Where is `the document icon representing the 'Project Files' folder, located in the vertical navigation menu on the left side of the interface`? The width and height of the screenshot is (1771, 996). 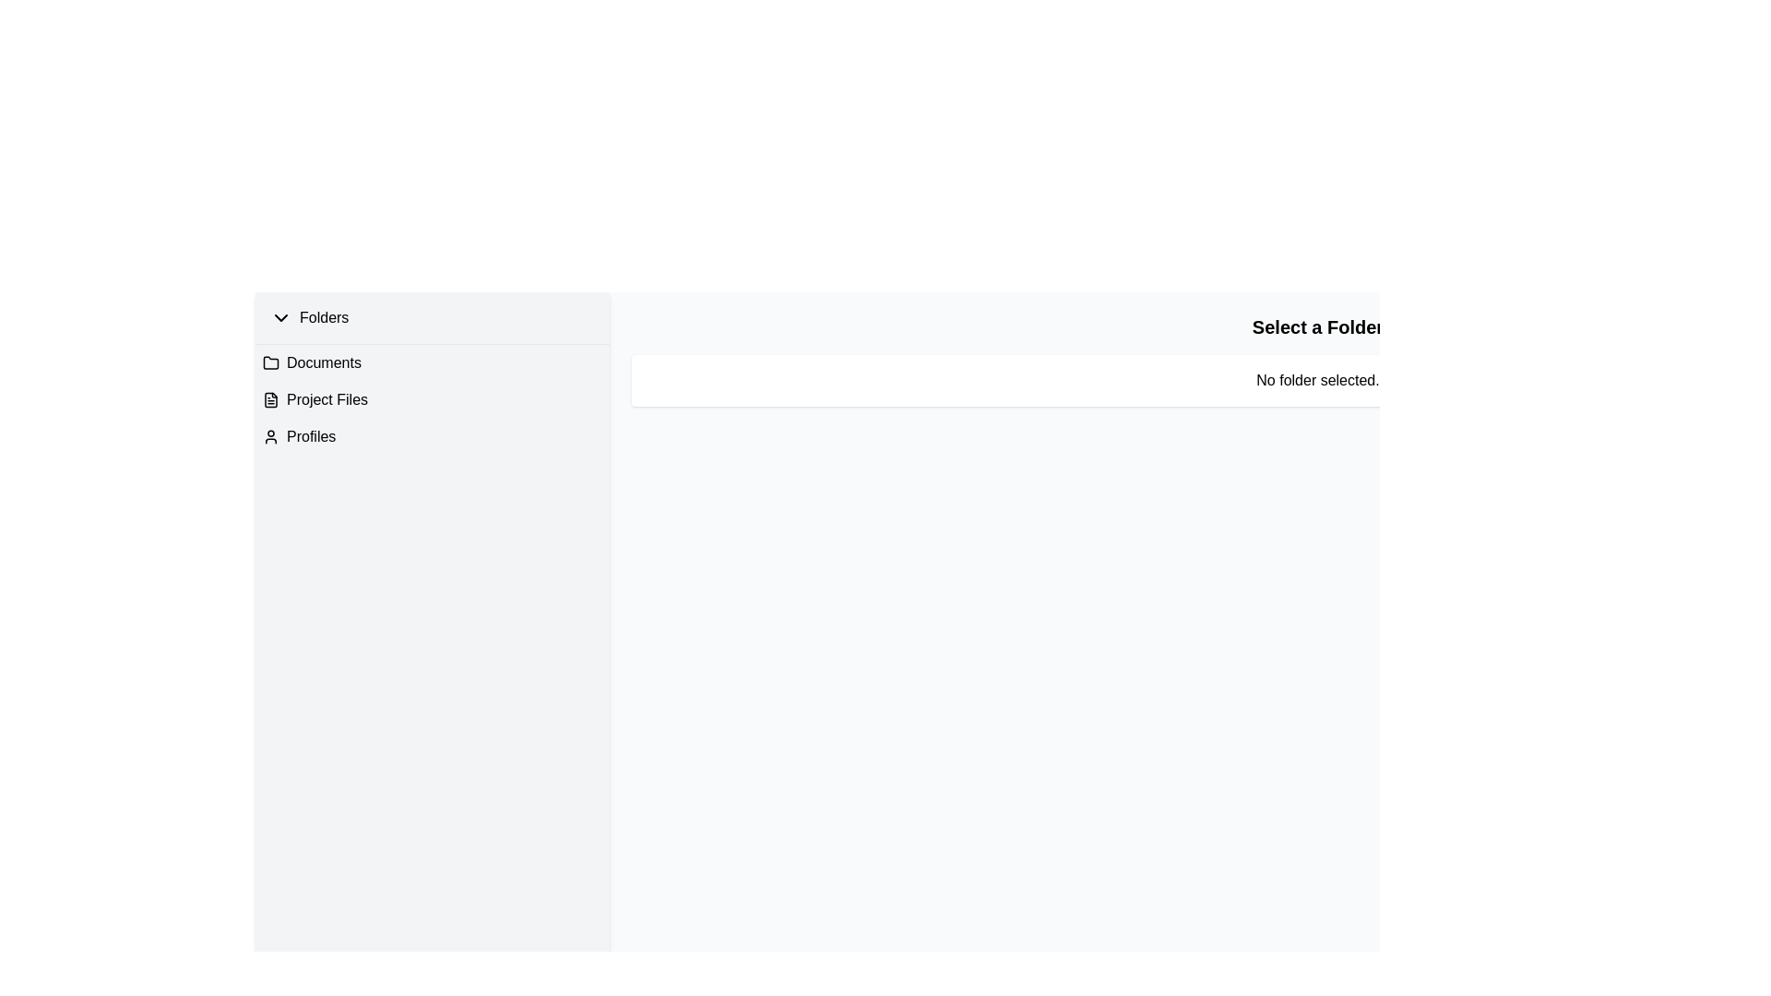
the document icon representing the 'Project Files' folder, located in the vertical navigation menu on the left side of the interface is located at coordinates (269, 399).